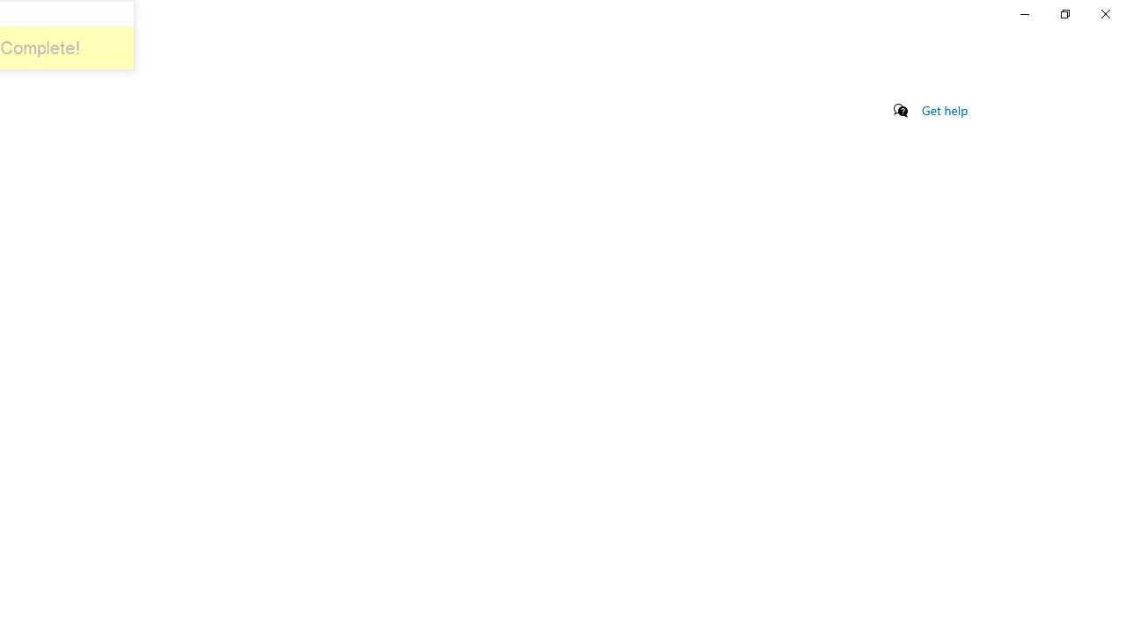 This screenshot has height=633, width=1126. What do you see at coordinates (944, 110) in the screenshot?
I see `'Get help'` at bounding box center [944, 110].